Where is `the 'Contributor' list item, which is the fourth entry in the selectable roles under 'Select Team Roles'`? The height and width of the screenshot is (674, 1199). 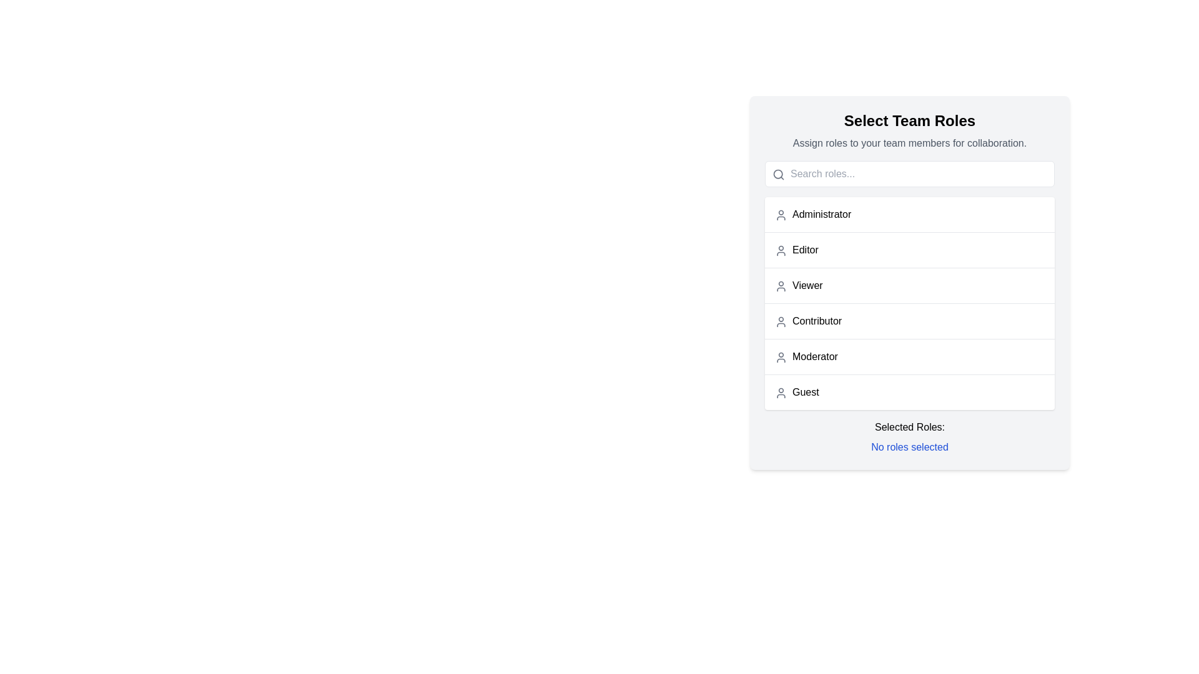 the 'Contributor' list item, which is the fourth entry in the selectable roles under 'Select Team Roles' is located at coordinates (910, 320).